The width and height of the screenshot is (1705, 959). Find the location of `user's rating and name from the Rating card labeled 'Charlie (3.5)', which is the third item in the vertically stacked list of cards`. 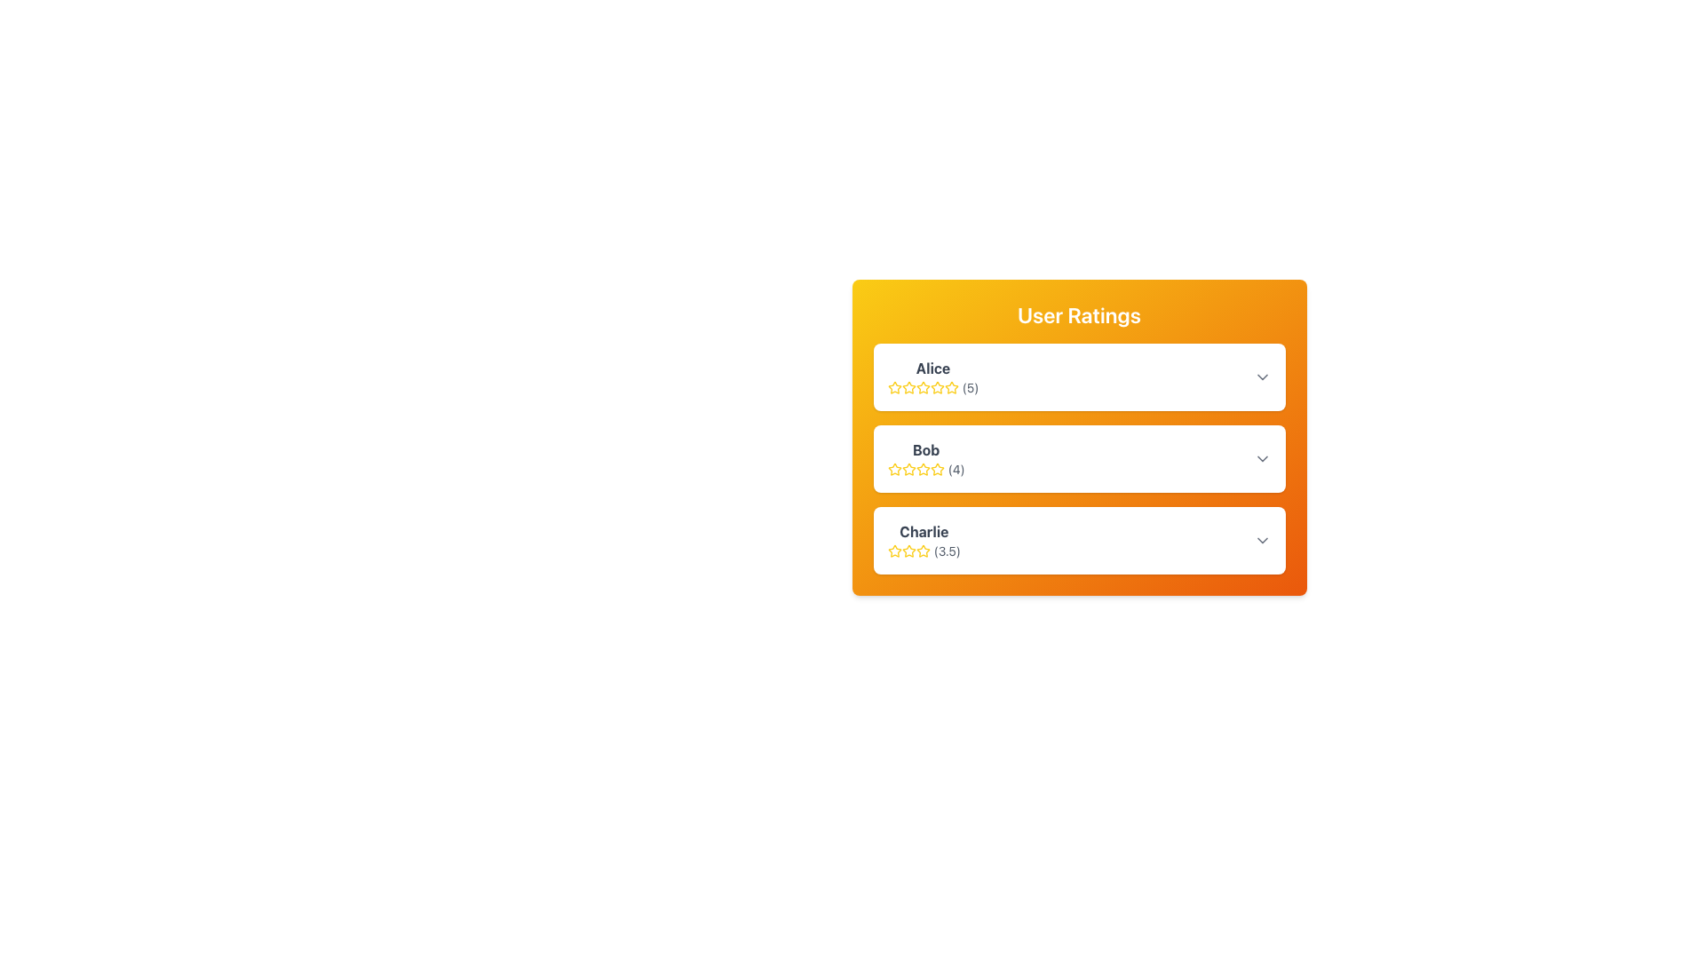

user's rating and name from the Rating card labeled 'Charlie (3.5)', which is the third item in the vertically stacked list of cards is located at coordinates (1078, 540).